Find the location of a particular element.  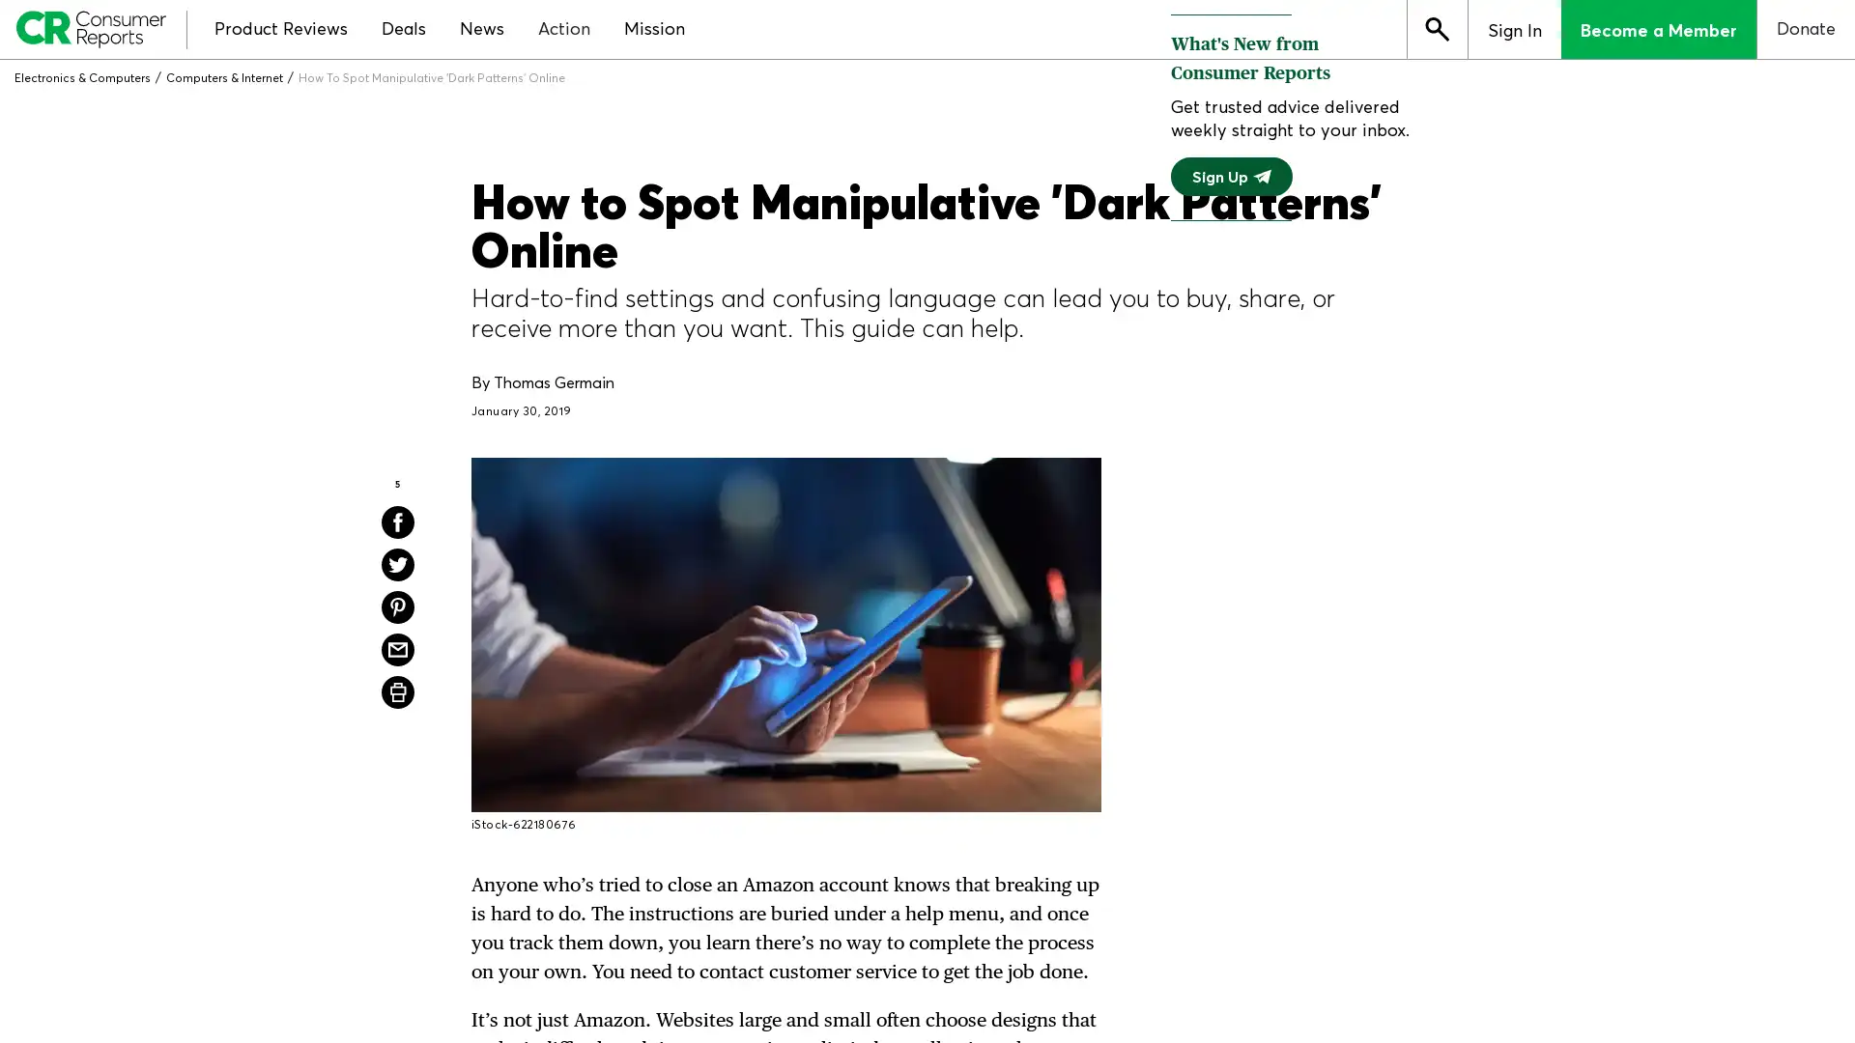

pinterest is located at coordinates (397, 606).